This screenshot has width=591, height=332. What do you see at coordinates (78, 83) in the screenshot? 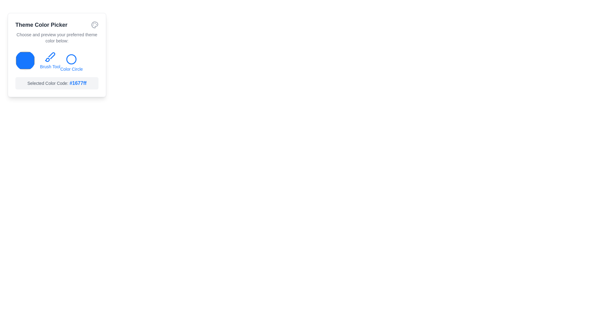
I see `the text element displaying the string '#1677ff', which is a blue color and located near the bottom of the 'Theme Color Picker' box, to the right of 'Selected Color Code'` at bounding box center [78, 83].